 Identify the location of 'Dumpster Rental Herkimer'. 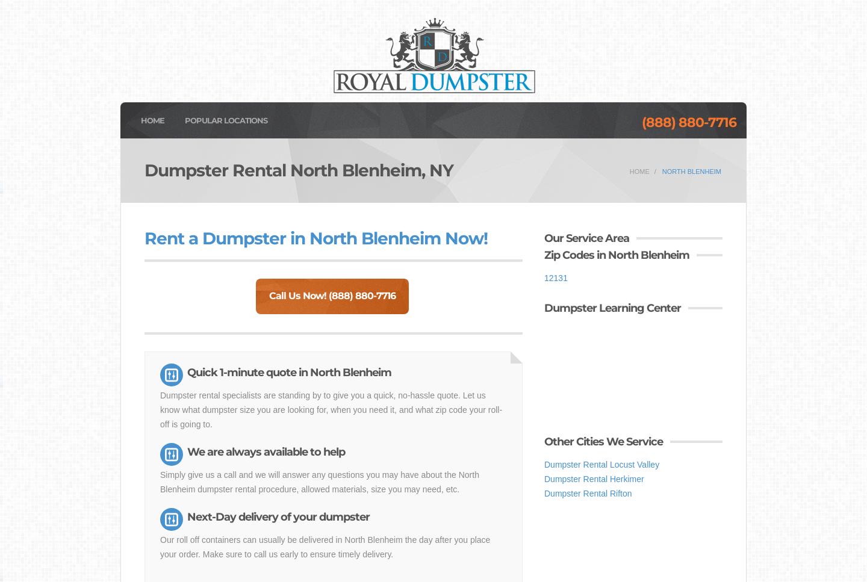
(593, 478).